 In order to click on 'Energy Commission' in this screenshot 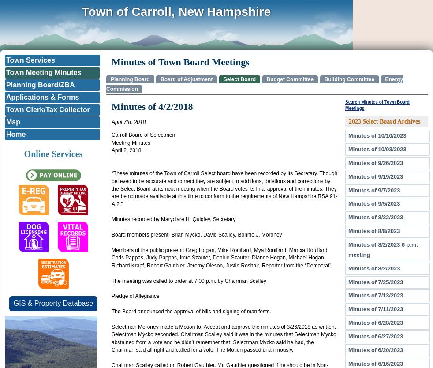, I will do `click(254, 84)`.